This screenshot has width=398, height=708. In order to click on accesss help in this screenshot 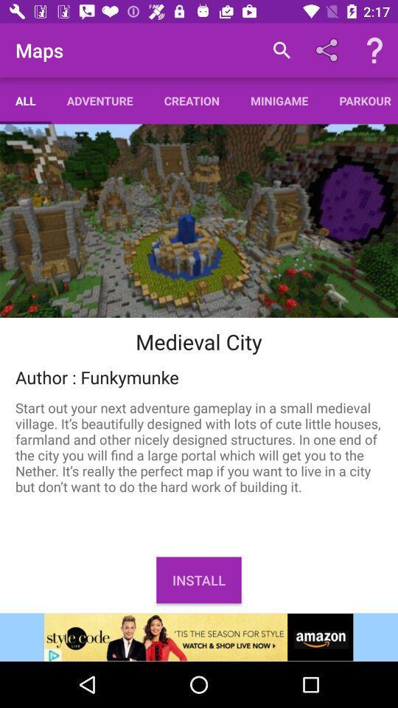, I will do `click(374, 50)`.